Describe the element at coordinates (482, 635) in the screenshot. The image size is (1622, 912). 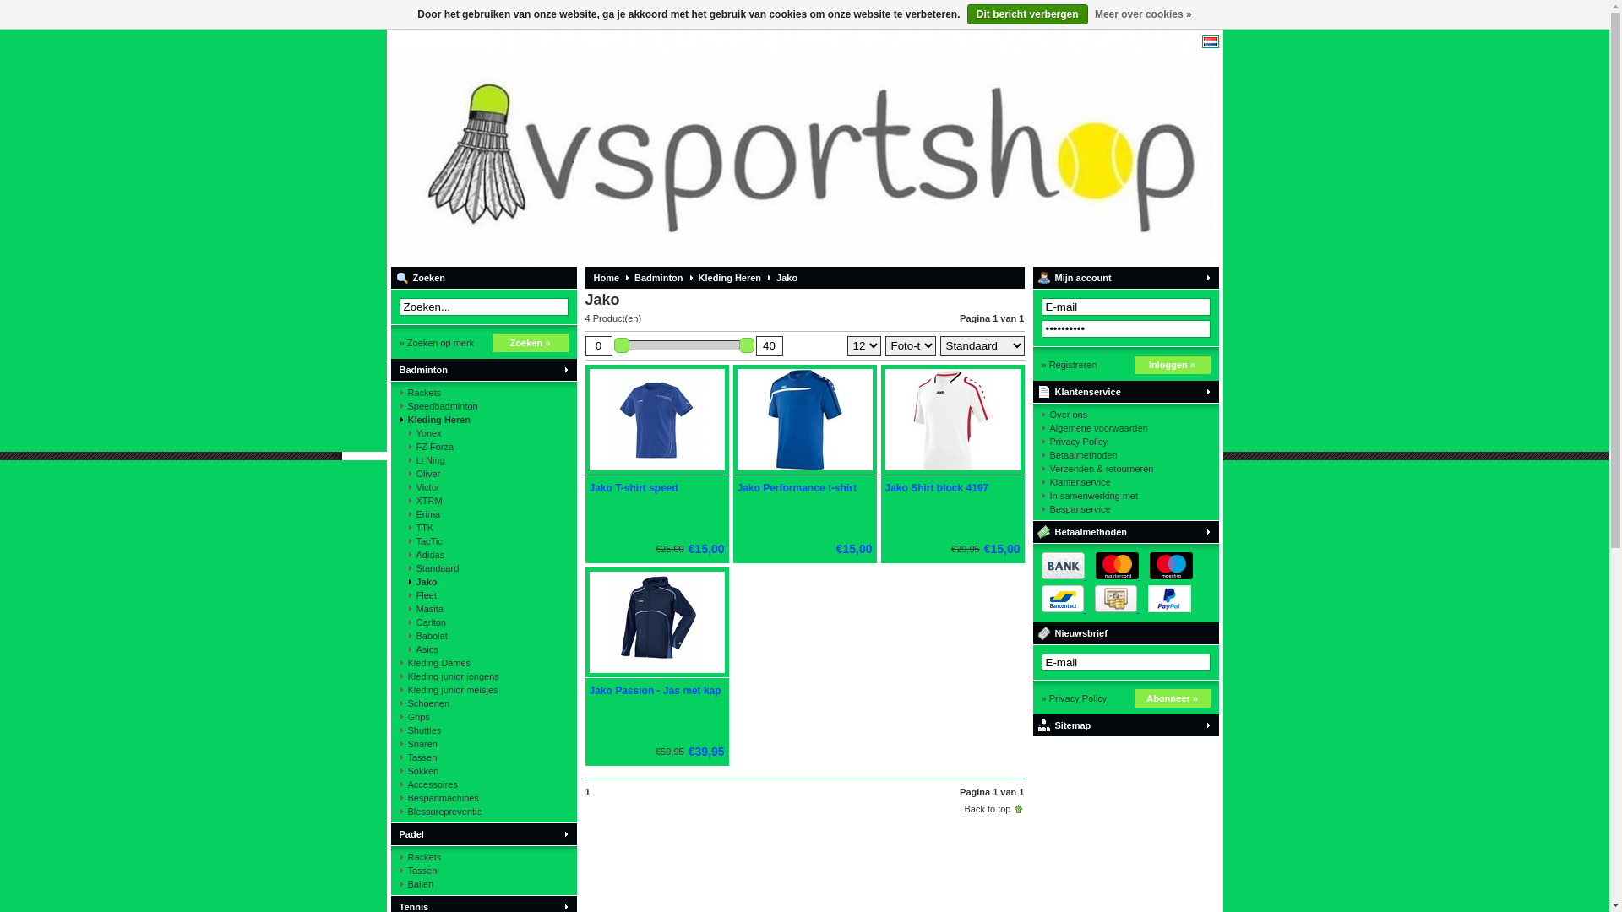
I see `'Babolat'` at that location.